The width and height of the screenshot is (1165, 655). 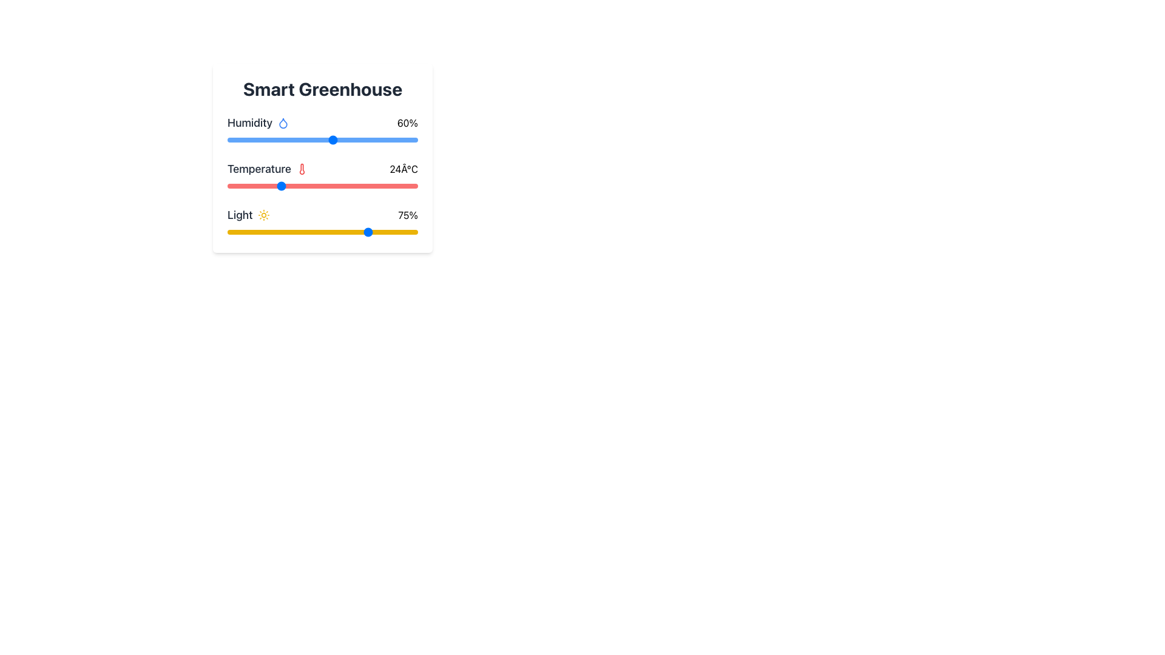 What do you see at coordinates (252, 186) in the screenshot?
I see `the temperature` at bounding box center [252, 186].